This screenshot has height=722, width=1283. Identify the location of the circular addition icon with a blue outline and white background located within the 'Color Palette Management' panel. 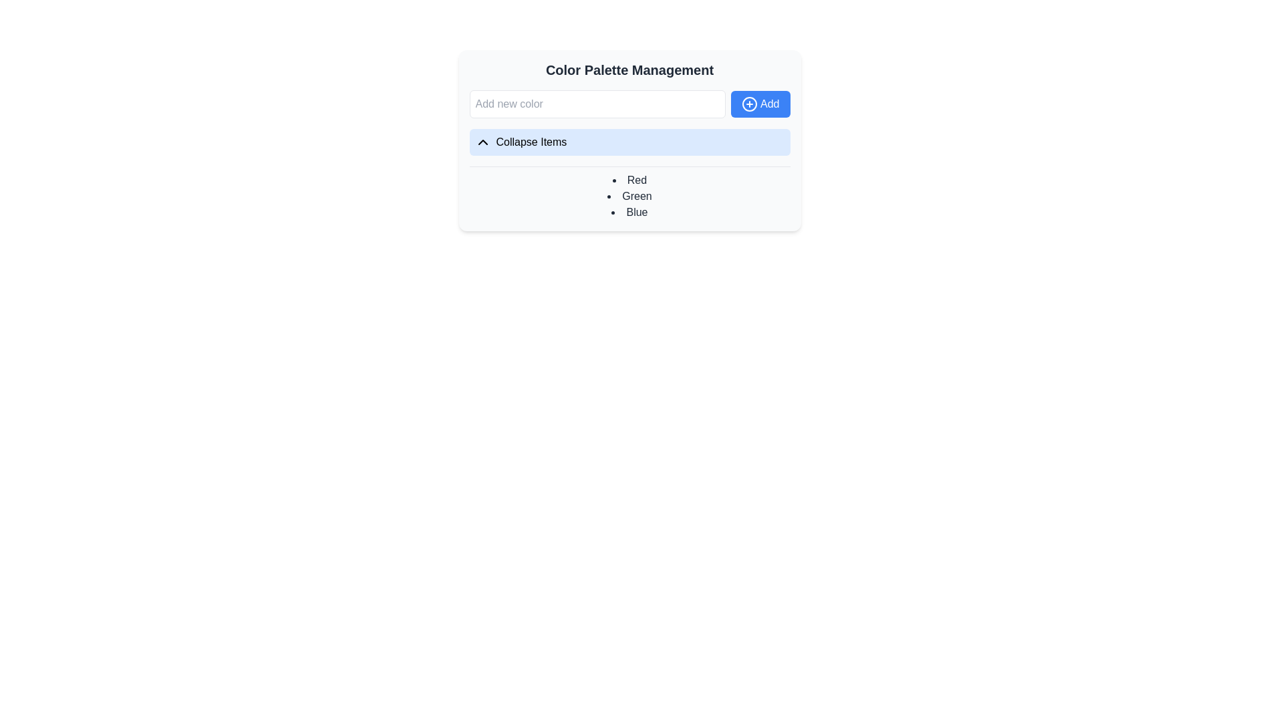
(750, 103).